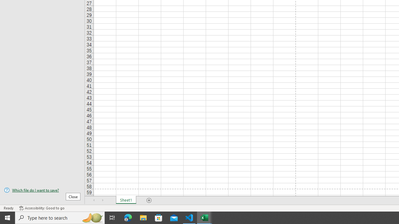 The width and height of the screenshot is (399, 224). Describe the element at coordinates (149, 200) in the screenshot. I see `'Add Sheet'` at that location.